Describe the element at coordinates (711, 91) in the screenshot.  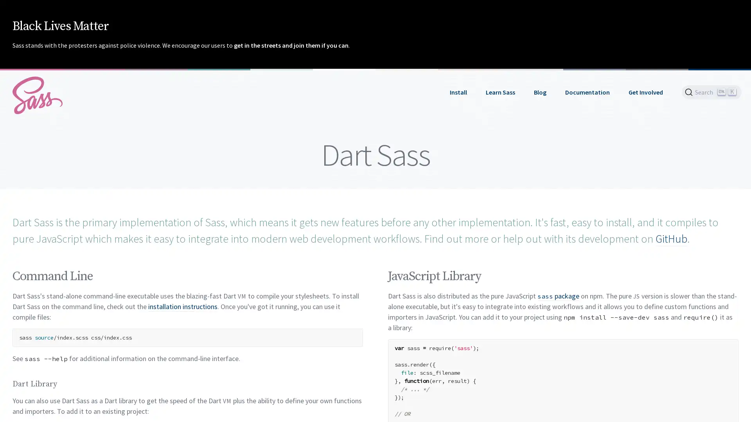
I see `Search` at that location.